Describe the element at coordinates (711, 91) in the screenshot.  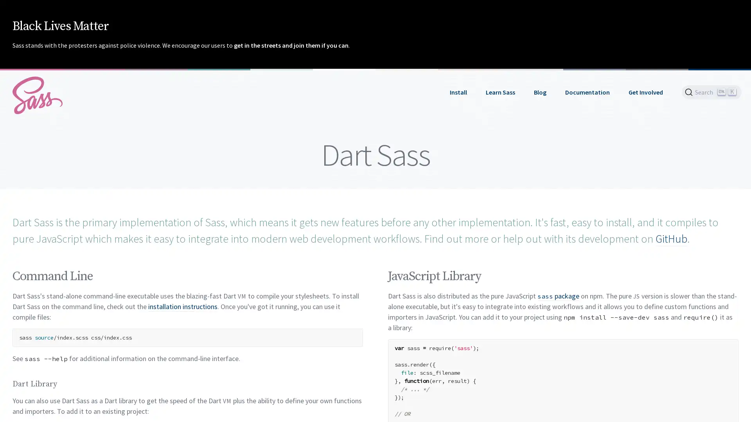
I see `Search` at that location.